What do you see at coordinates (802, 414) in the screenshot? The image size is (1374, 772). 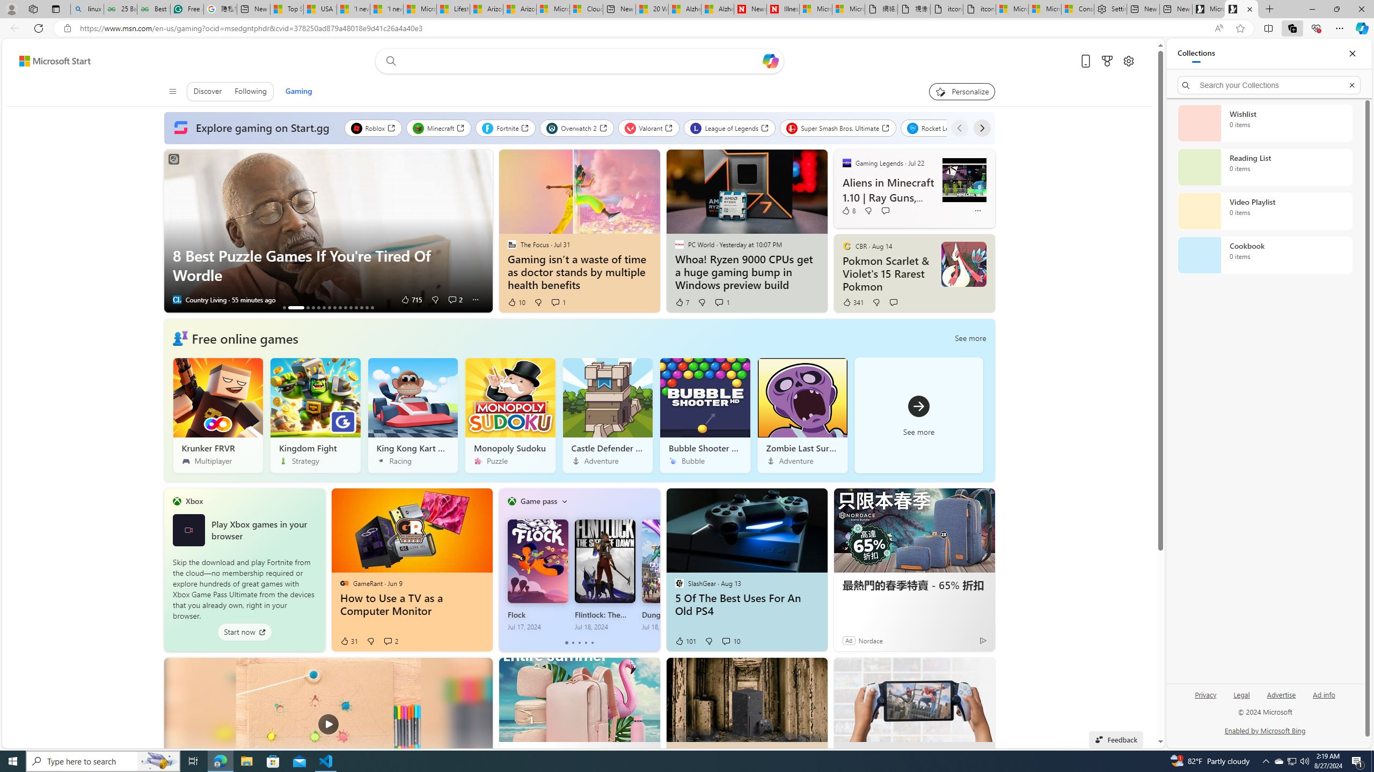 I see `'Zombie Last Survivor'` at bounding box center [802, 414].